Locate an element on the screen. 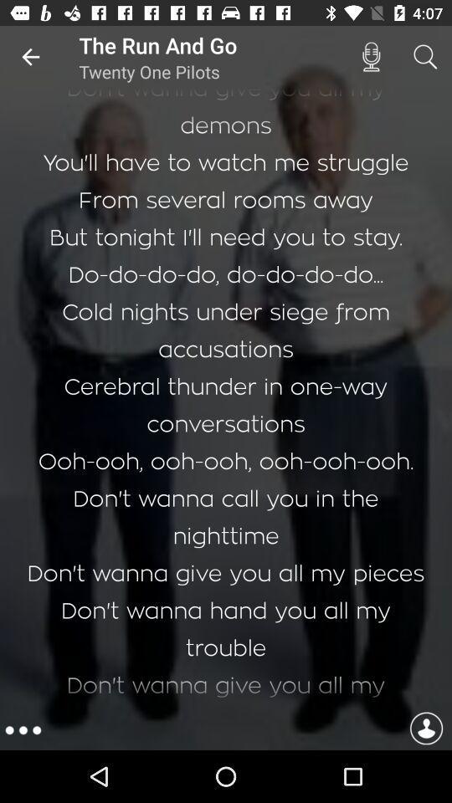 Image resolution: width=452 pixels, height=803 pixels. the i can t is located at coordinates (226, 399).